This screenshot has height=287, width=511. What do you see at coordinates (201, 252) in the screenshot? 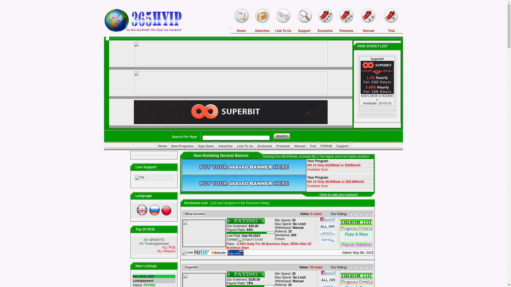
I see `'Payeer'` at bounding box center [201, 252].